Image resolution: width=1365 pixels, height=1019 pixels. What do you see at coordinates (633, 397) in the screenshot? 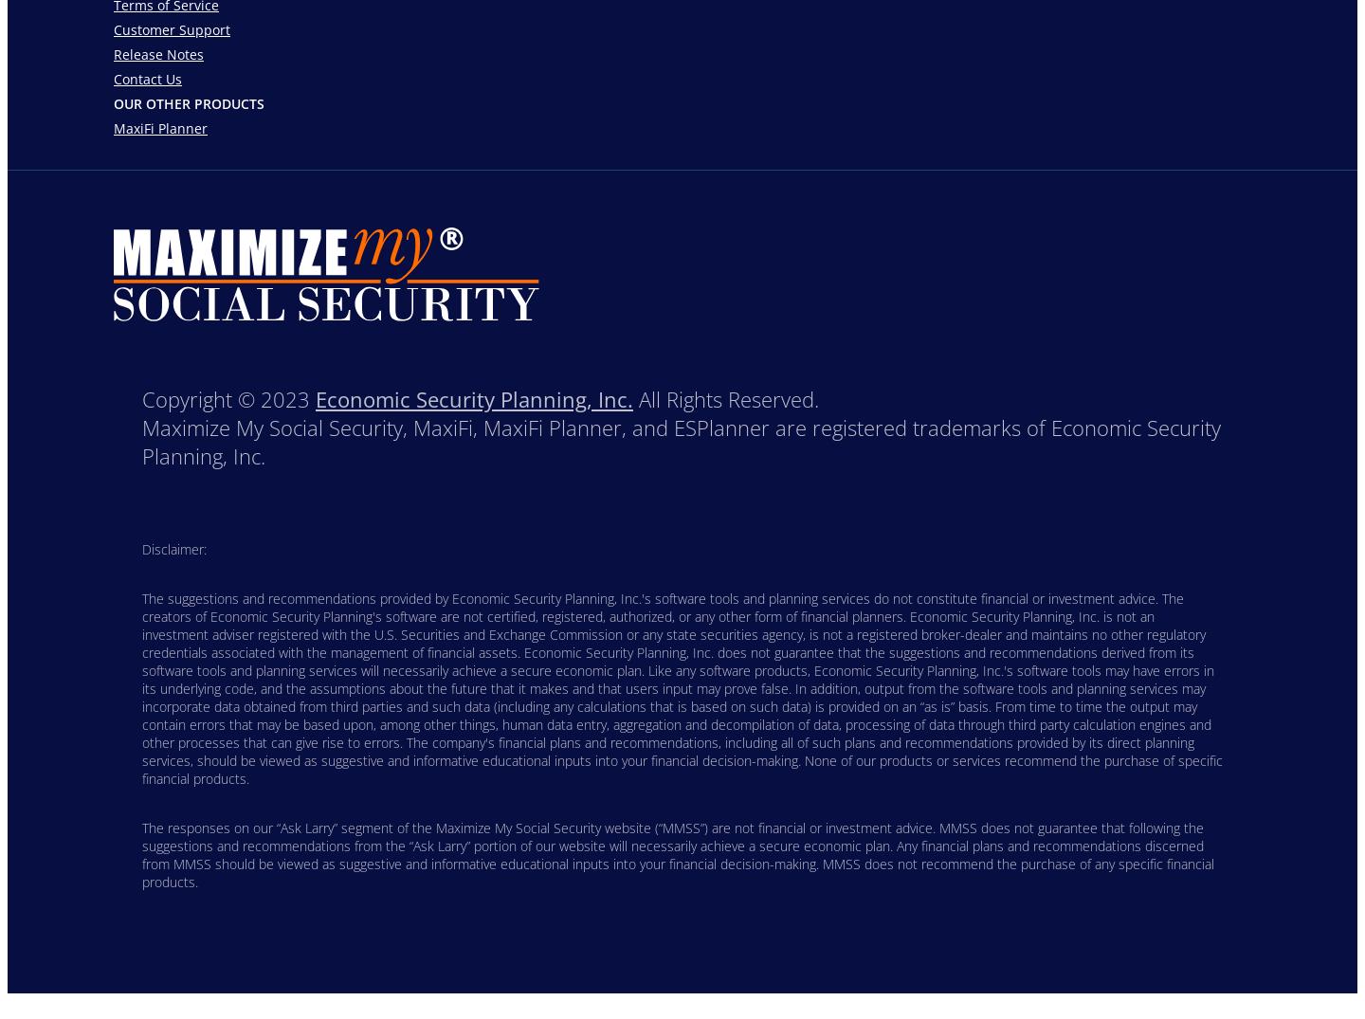
I see `'All Rights Reserved.'` at bounding box center [633, 397].